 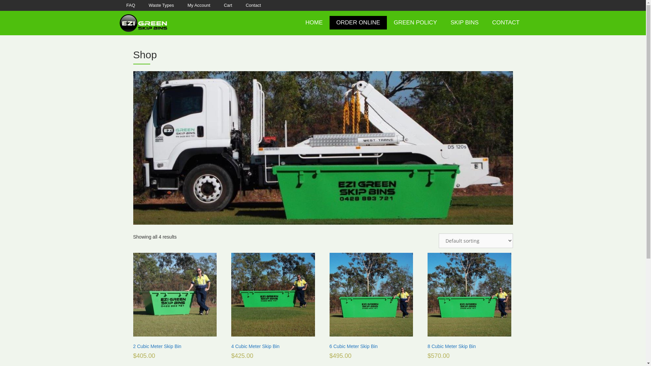 I want to click on 'GREEN POLICY', so click(x=415, y=22).